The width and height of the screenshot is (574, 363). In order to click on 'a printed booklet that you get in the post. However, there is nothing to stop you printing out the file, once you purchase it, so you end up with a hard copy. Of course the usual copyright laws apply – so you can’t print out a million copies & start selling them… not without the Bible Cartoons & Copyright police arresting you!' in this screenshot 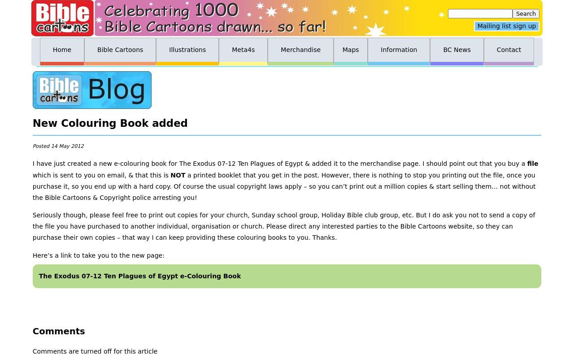, I will do `click(283, 186)`.